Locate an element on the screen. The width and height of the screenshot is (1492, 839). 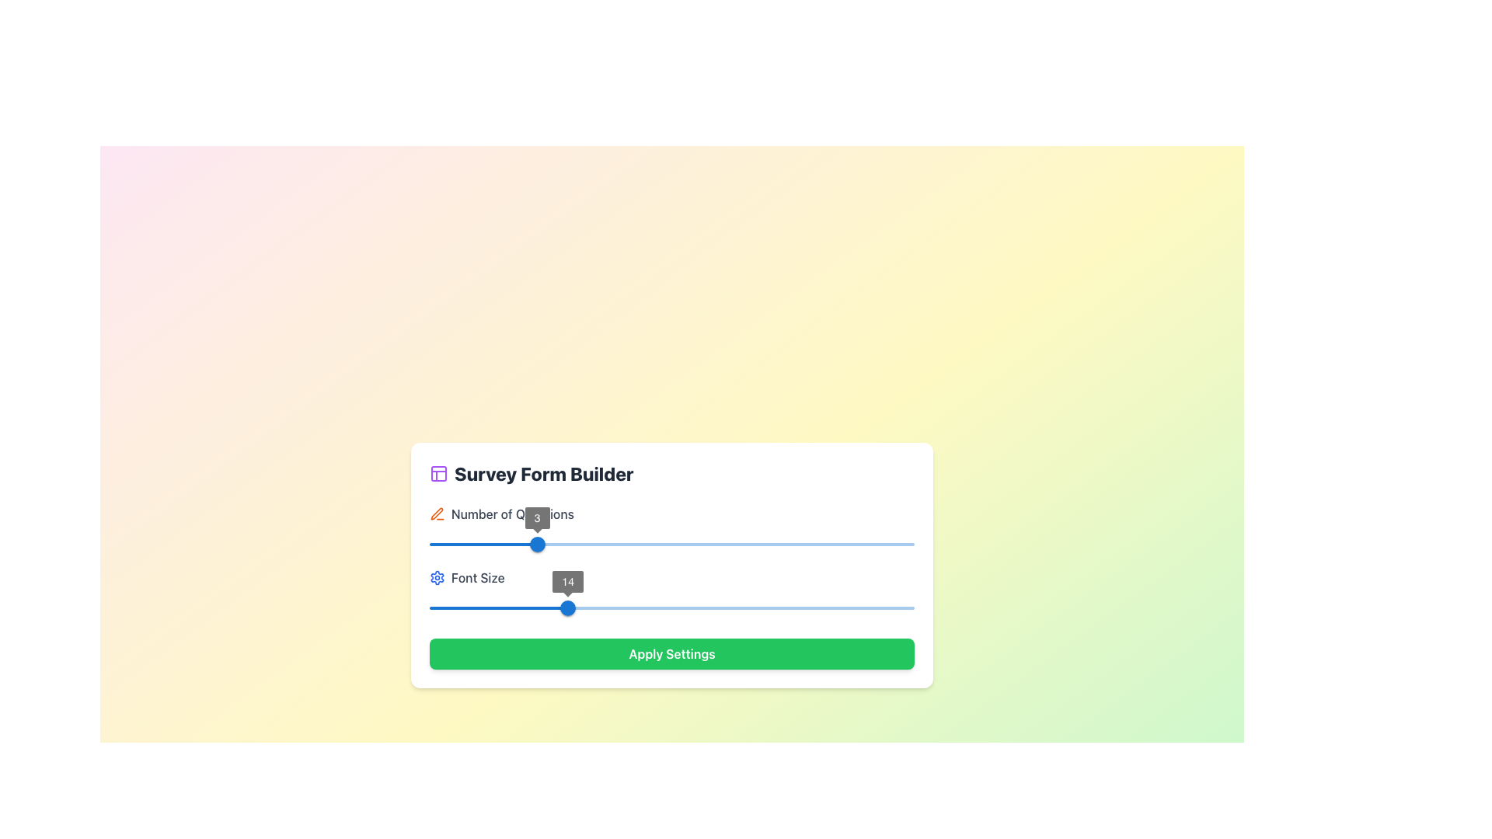
the slider value is located at coordinates (559, 607).